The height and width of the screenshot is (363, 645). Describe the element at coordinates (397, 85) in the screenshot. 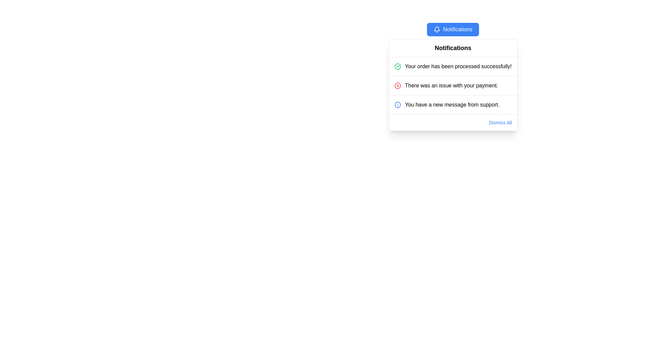

I see `the error notification icon indicating a payment problem, located to the left of the text 'There was an issue with your payment.'` at that location.